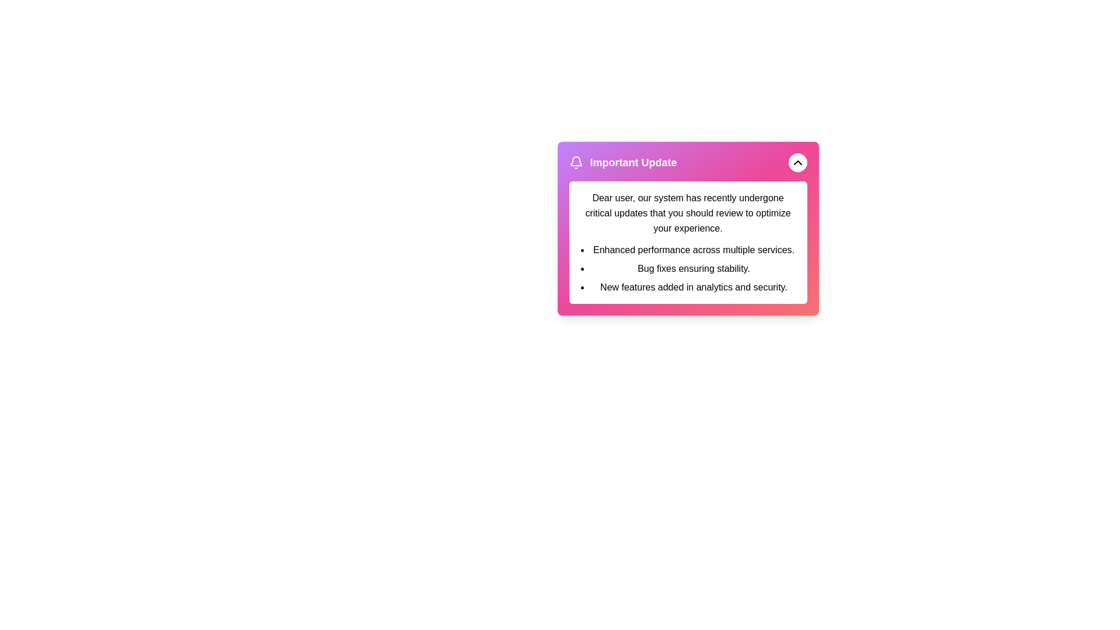 Image resolution: width=1120 pixels, height=630 pixels. I want to click on bell icon to toggle the alert visibility, so click(576, 162).